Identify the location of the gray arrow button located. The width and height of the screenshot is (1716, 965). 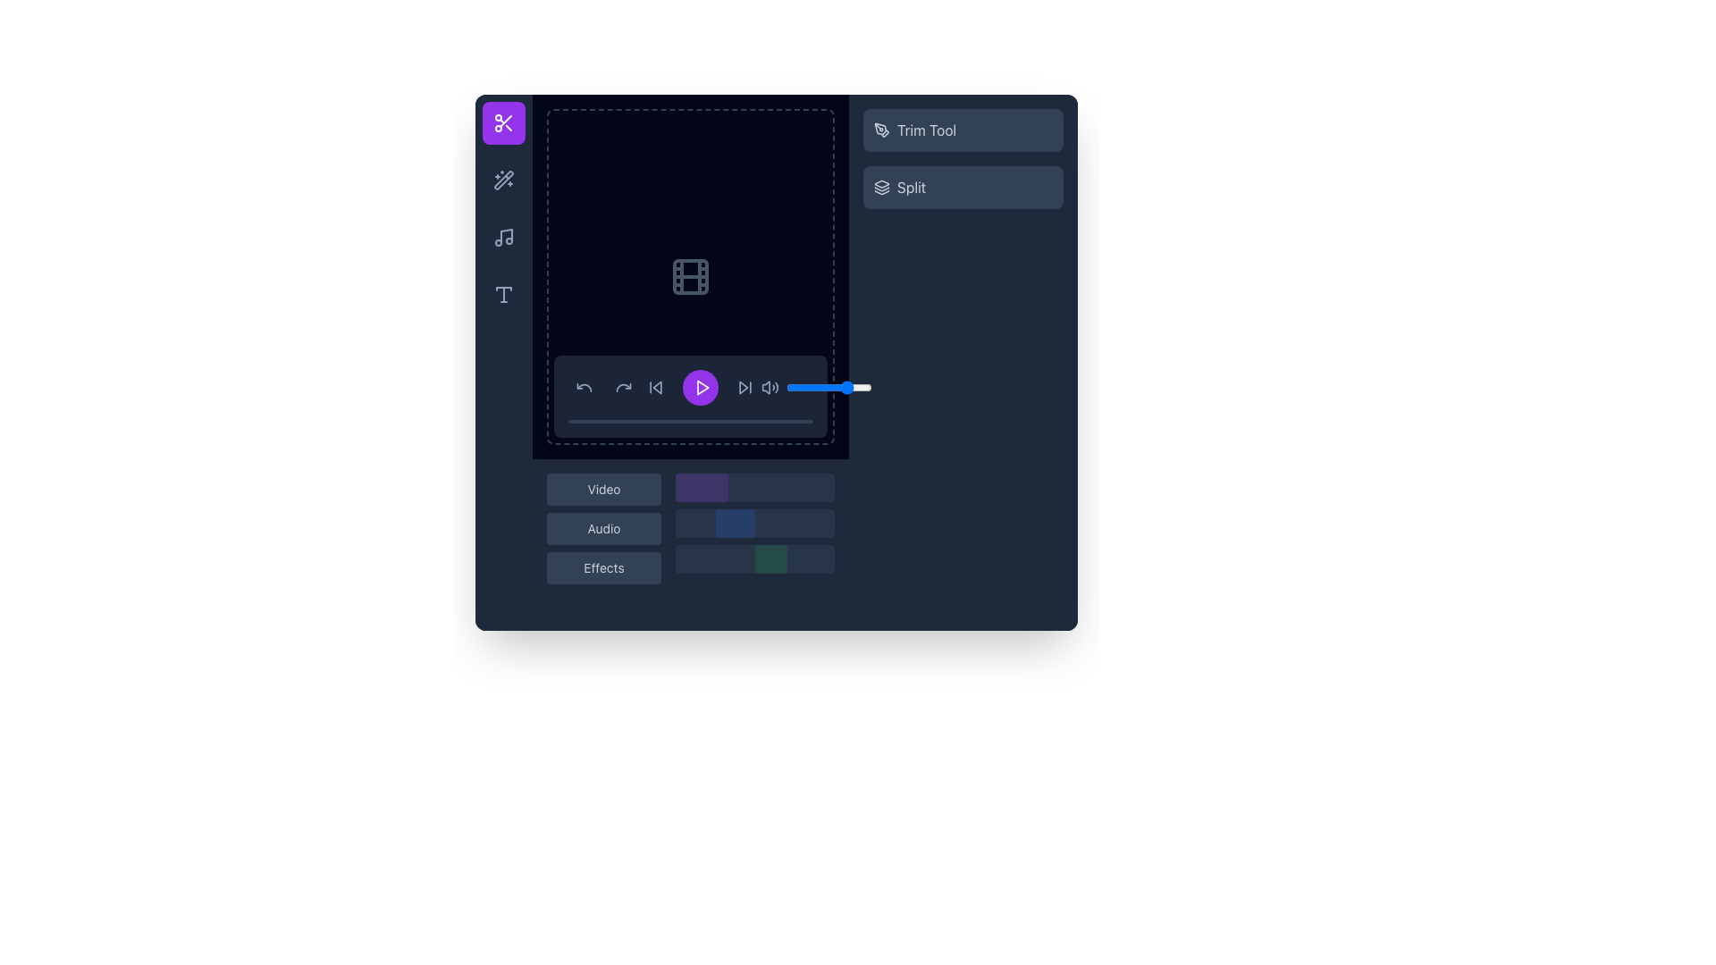
(655, 387).